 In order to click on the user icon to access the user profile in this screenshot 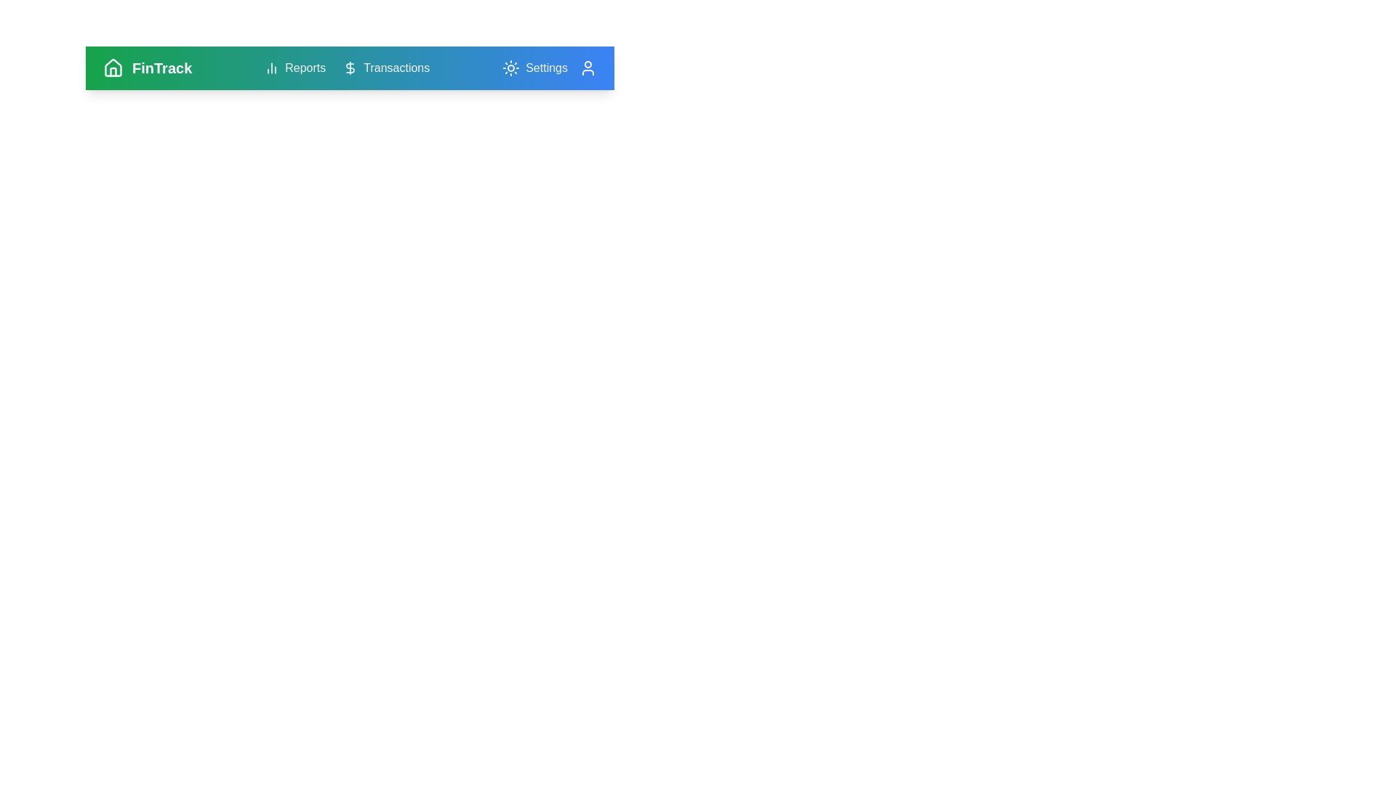, I will do `click(587, 68)`.